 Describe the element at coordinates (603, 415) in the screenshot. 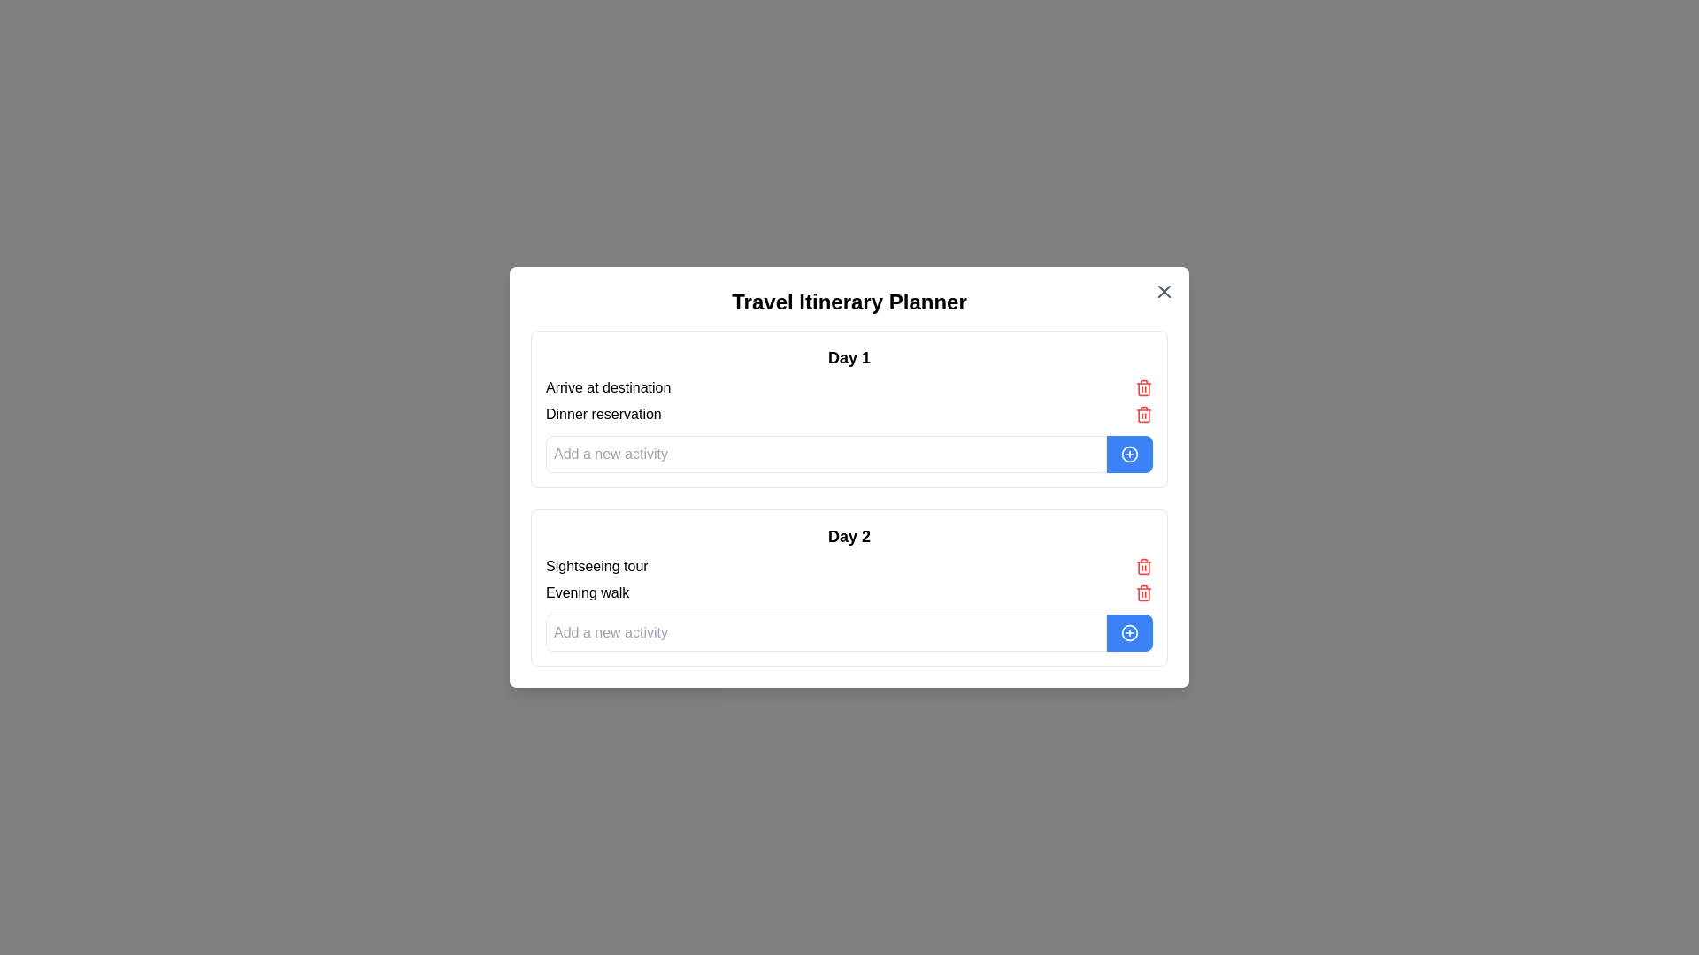

I see `the text label displaying 'Dinner reservation' in plain black font, positioned in the 'Day 1' section of the itinerary planner, as the second item listed` at that location.